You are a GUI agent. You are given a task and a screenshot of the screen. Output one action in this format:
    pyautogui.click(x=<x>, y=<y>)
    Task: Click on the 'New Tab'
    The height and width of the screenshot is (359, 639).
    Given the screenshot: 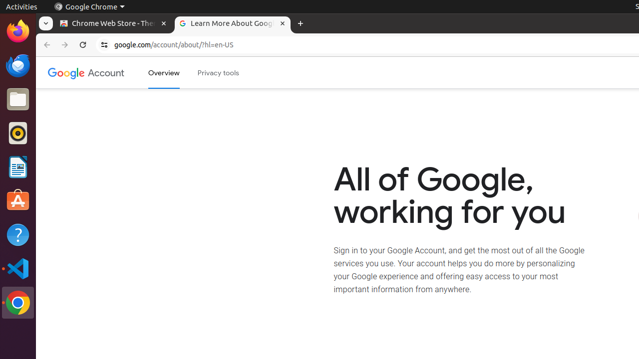 What is the action you would take?
    pyautogui.click(x=300, y=23)
    